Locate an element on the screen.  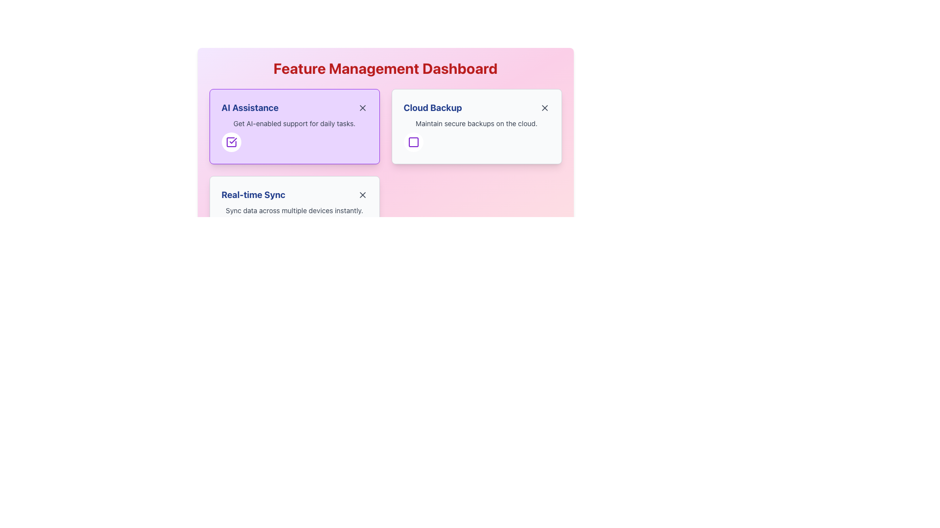
the interactive button with a white background and purple outline located in the bottom-right corner of the 'Cloud Backup' feature card is located at coordinates (413, 142).